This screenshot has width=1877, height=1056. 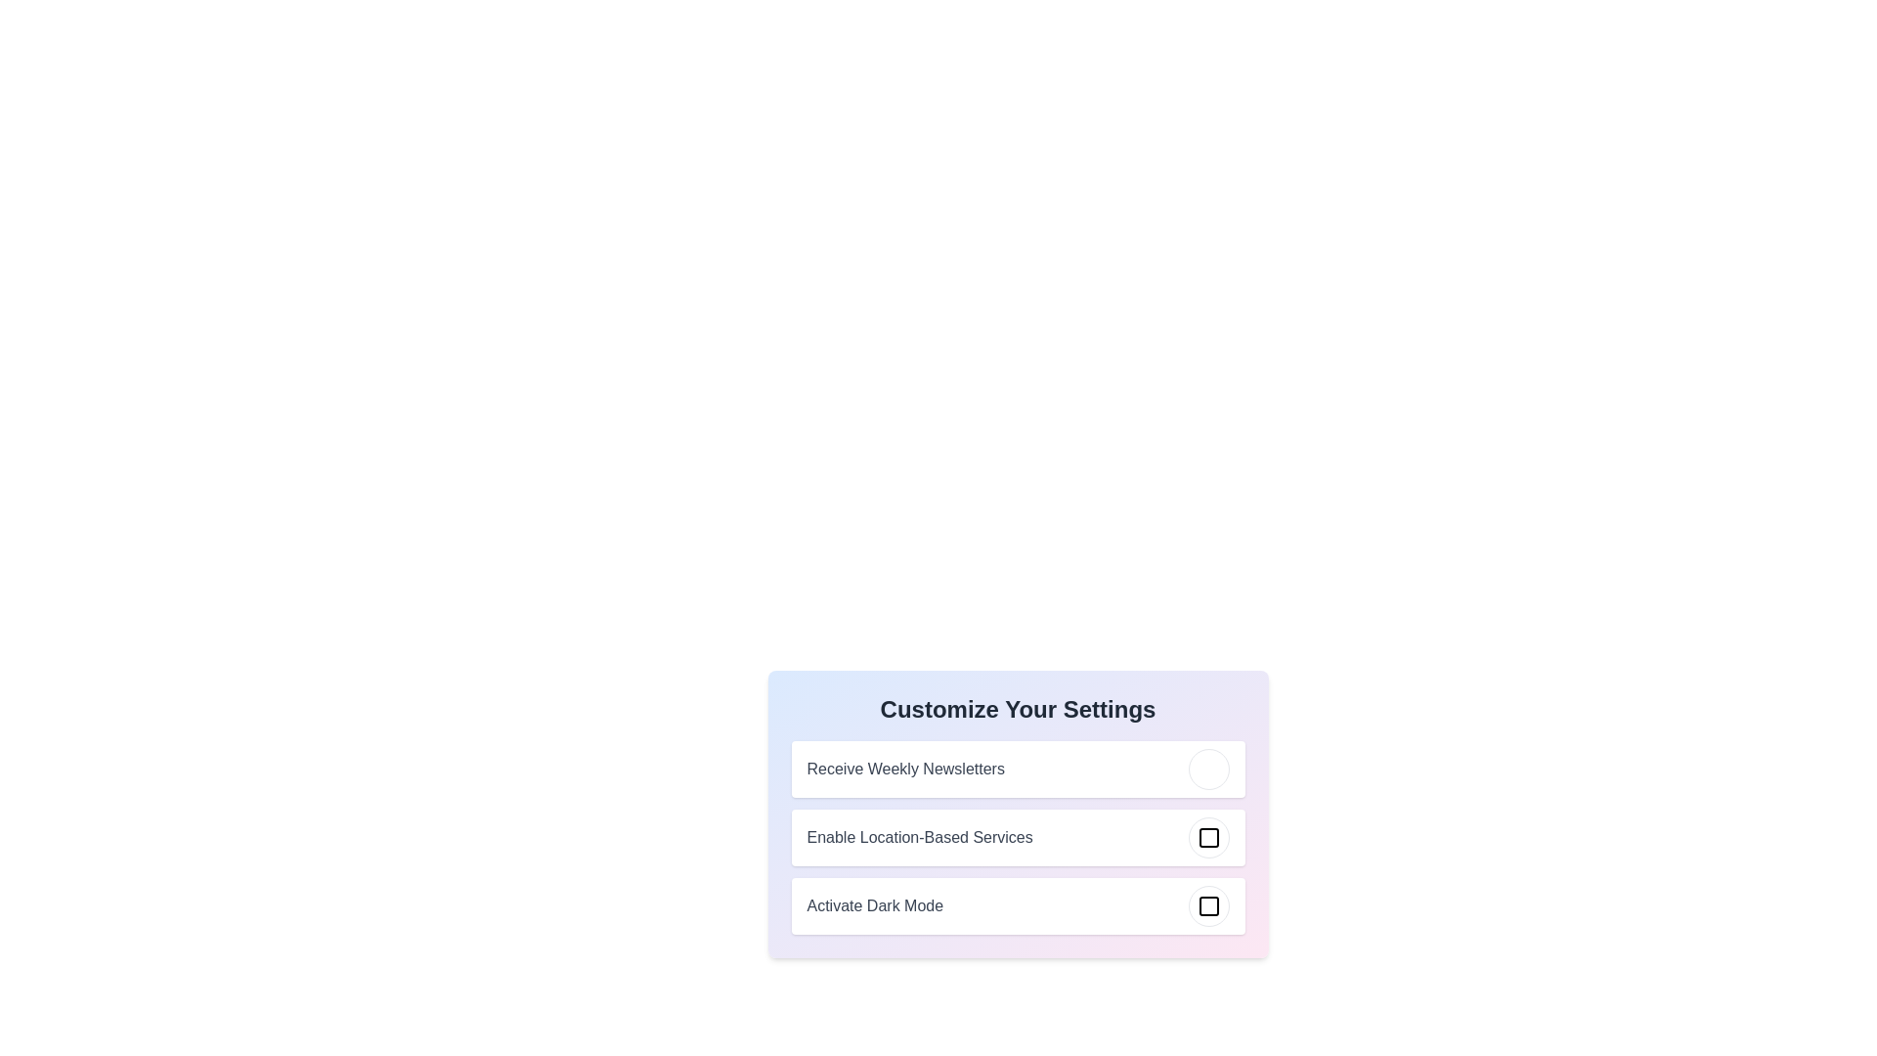 I want to click on the label for enabling location-based services, which is positioned between 'Receive Weekly Newsletters' and 'Activate Dark Mode' in the vertical list of functions, so click(x=1017, y=836).